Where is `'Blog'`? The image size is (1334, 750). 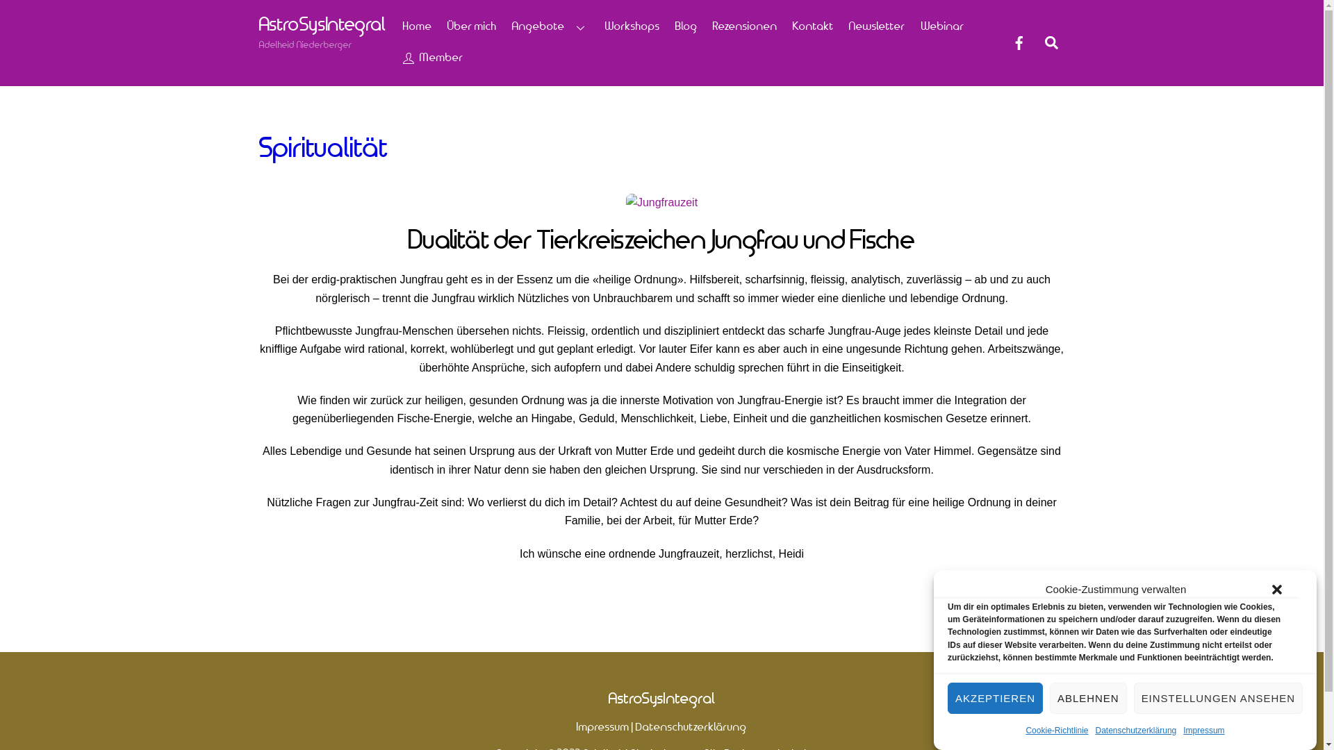
'Blog' is located at coordinates (686, 26).